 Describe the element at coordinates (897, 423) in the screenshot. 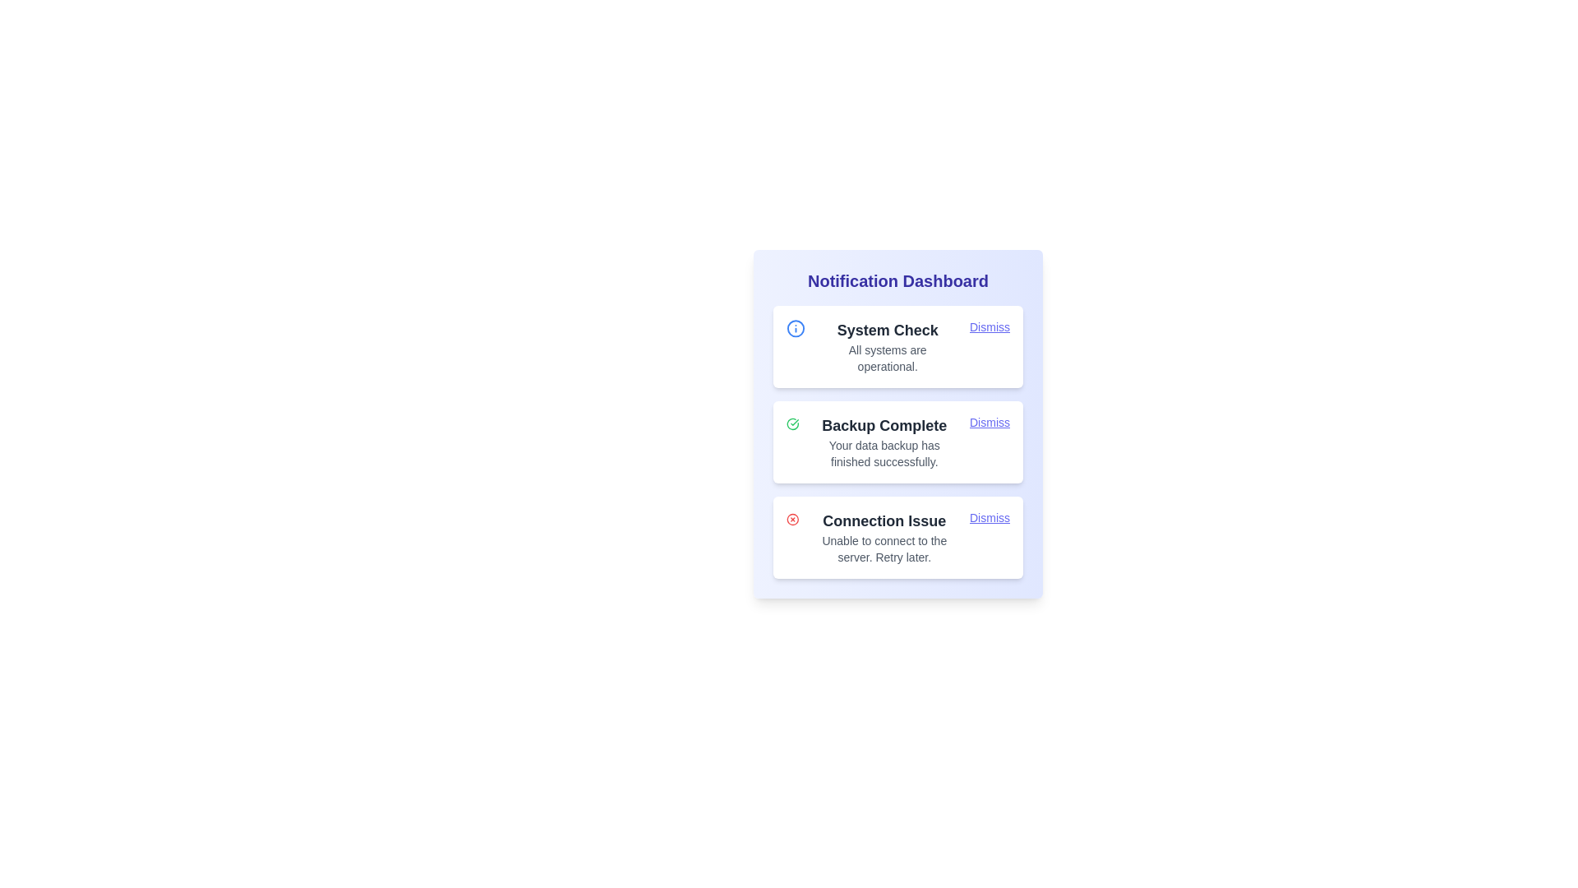

I see `the Notification Widget, which displays system notifications and statuses` at that location.